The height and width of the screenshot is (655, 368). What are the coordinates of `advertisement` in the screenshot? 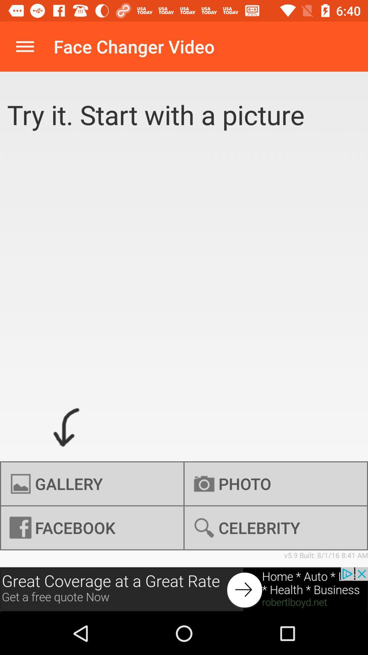 It's located at (184, 589).